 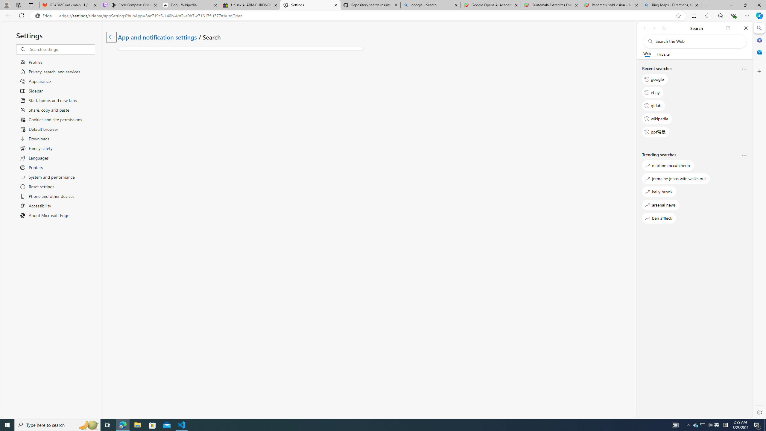 I want to click on 'ebay', so click(x=652, y=92).